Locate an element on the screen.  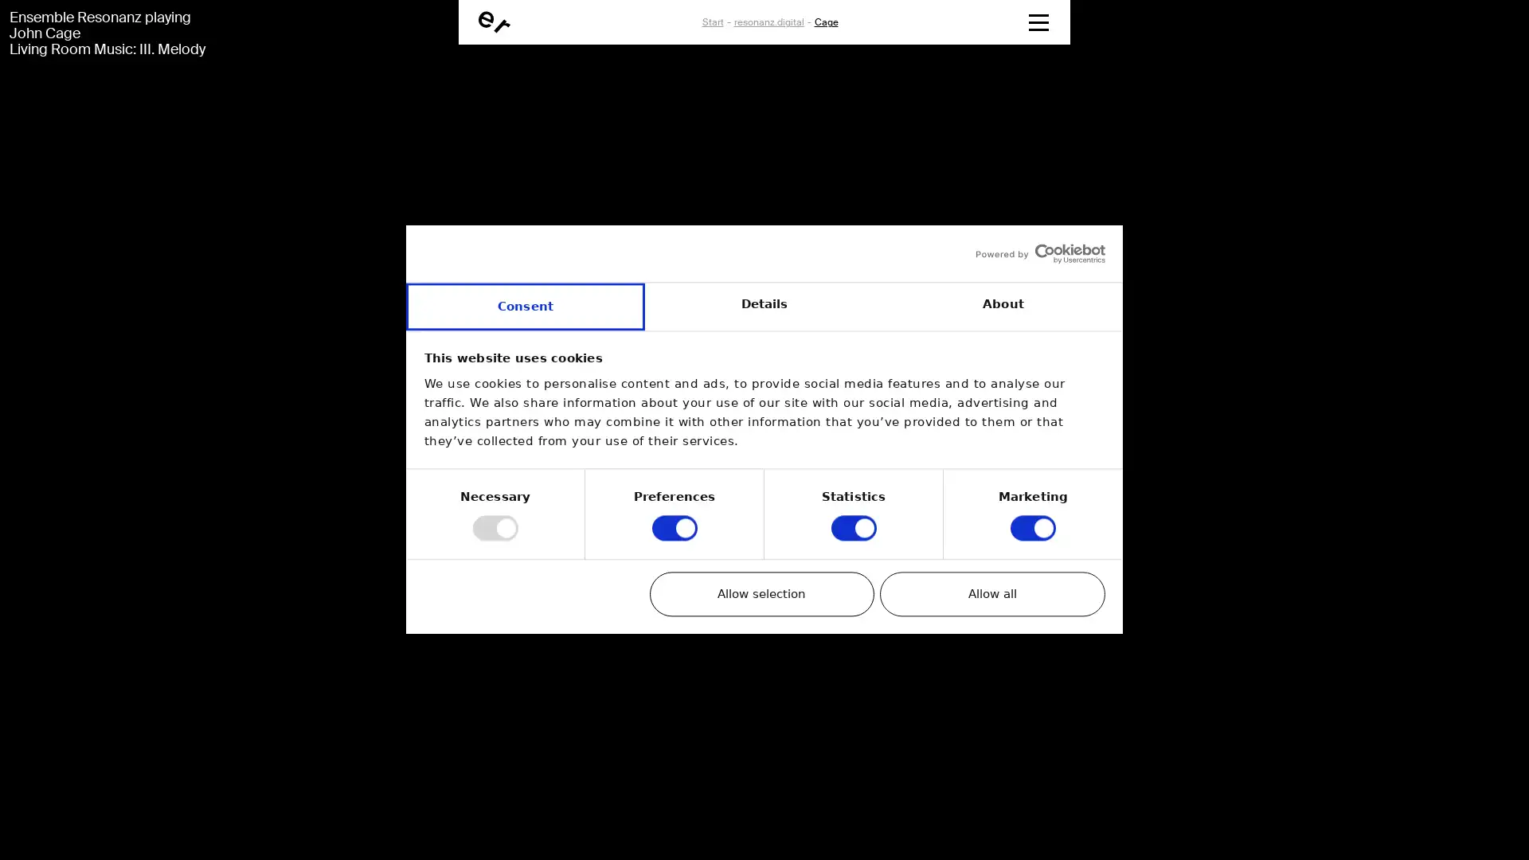
08 is located at coordinates (1075, 841).